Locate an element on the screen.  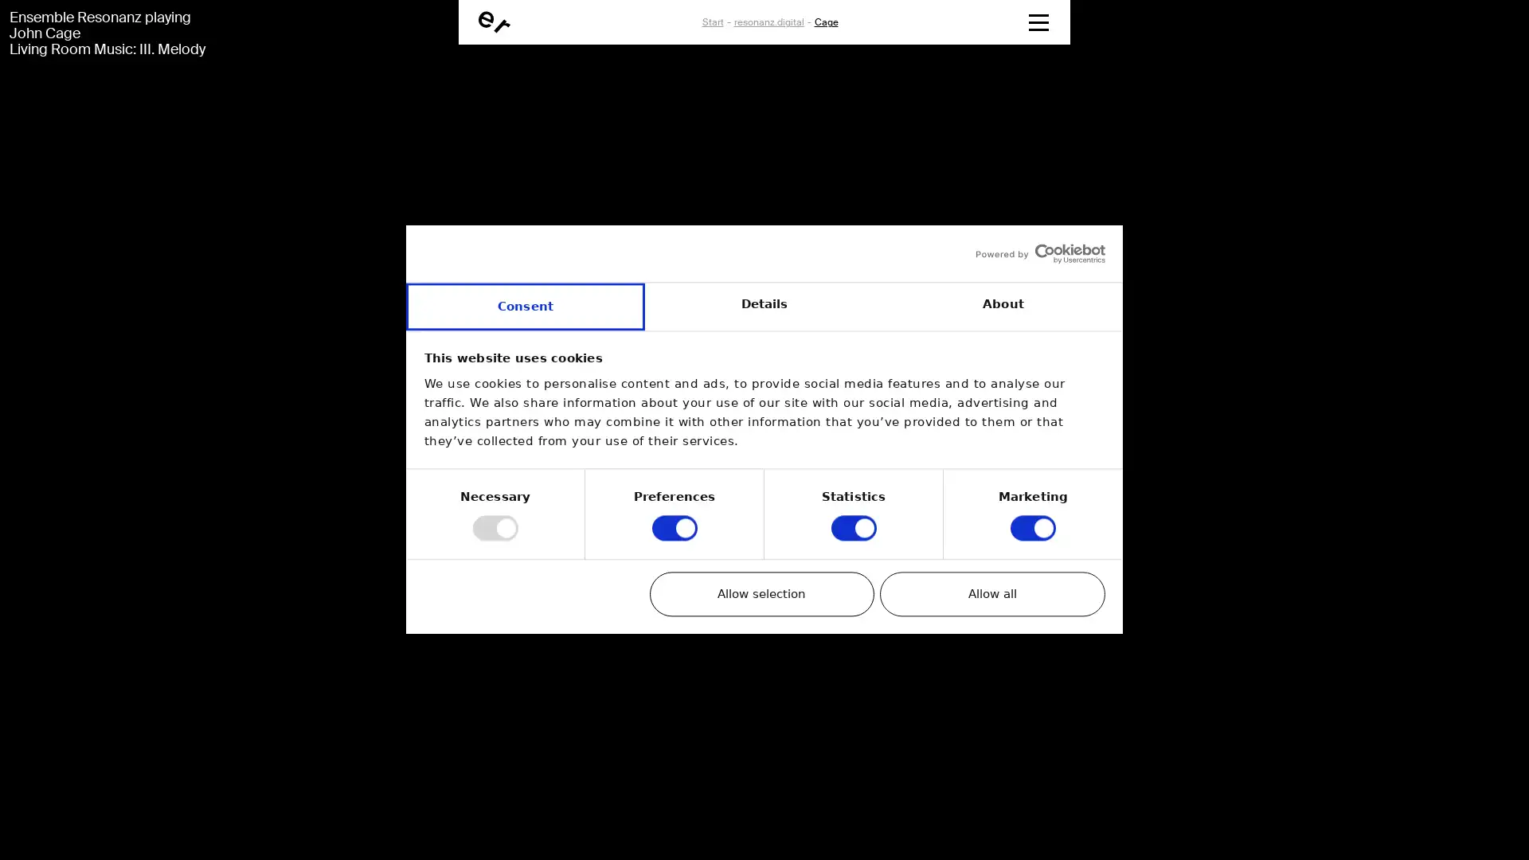
08 is located at coordinates (1075, 841).